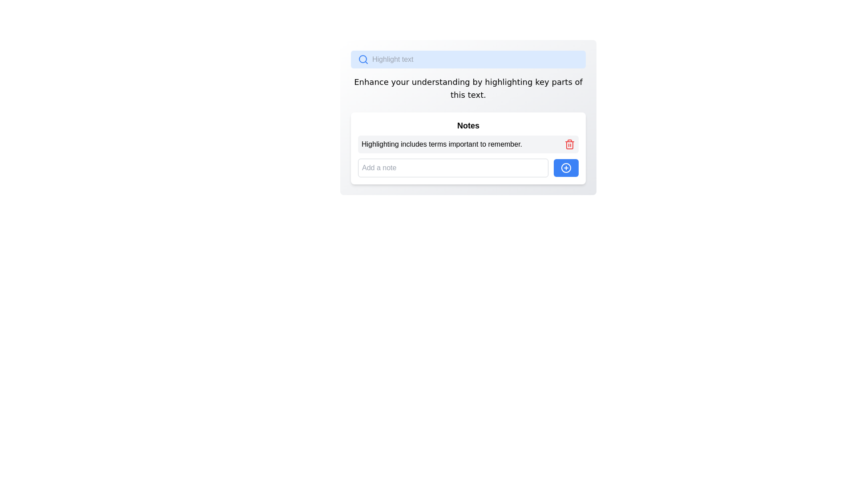  I want to click on the generic spacer or text placeholder element located between the words 'by' and 'highlighting' in the text 'Enhance your understanding by highlighting key parts of this text.', so click(471, 82).